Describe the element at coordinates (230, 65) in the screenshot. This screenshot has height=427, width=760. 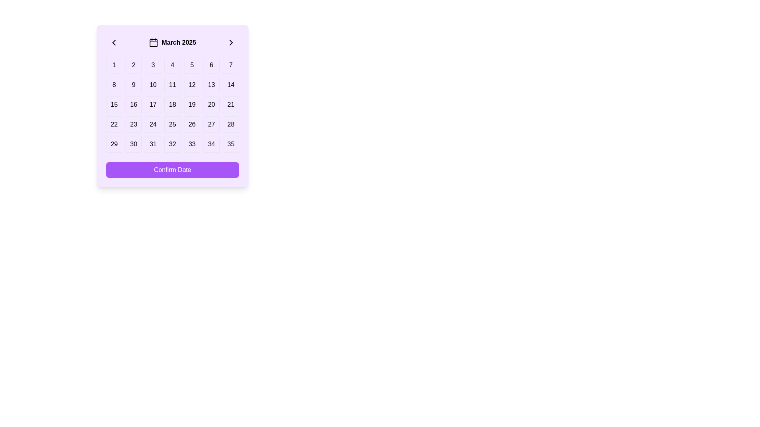
I see `the square-shaped box with the number '7' inside` at that location.